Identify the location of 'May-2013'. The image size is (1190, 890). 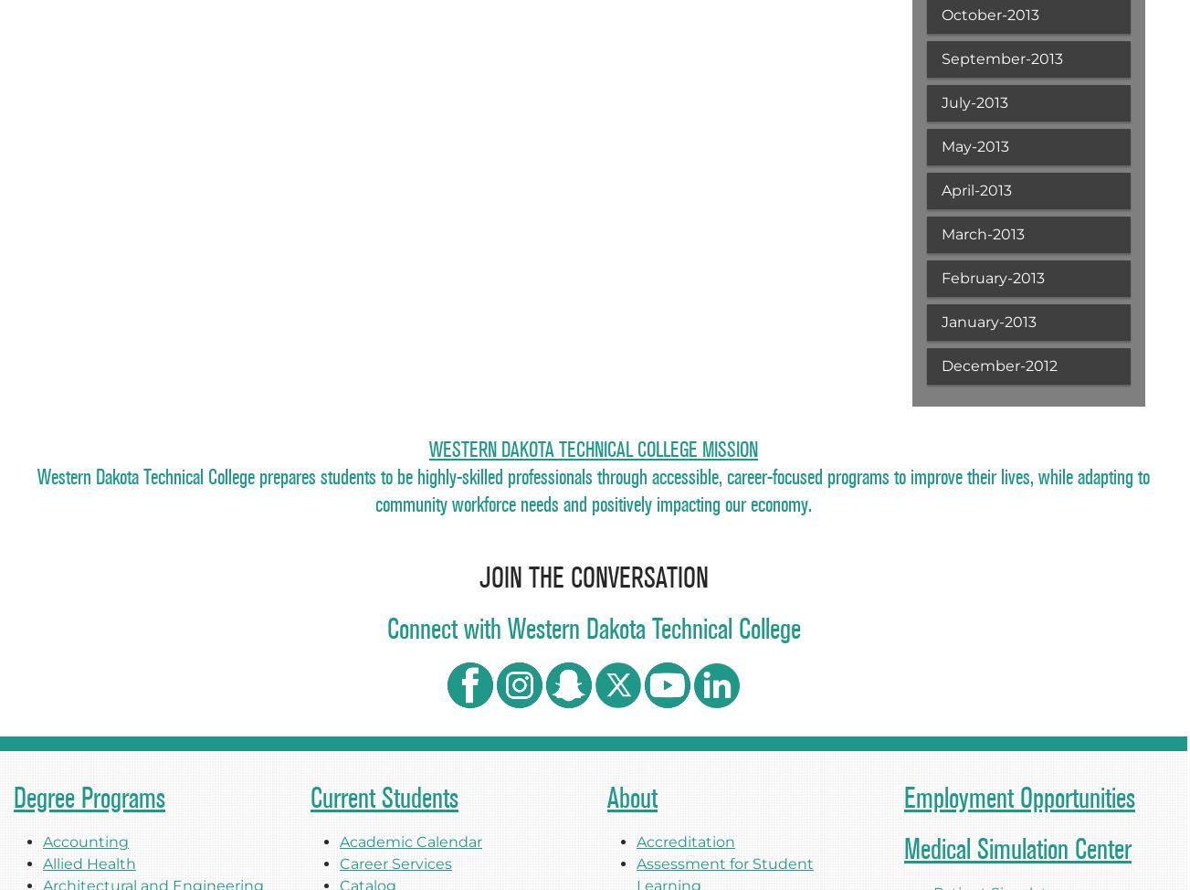
(974, 145).